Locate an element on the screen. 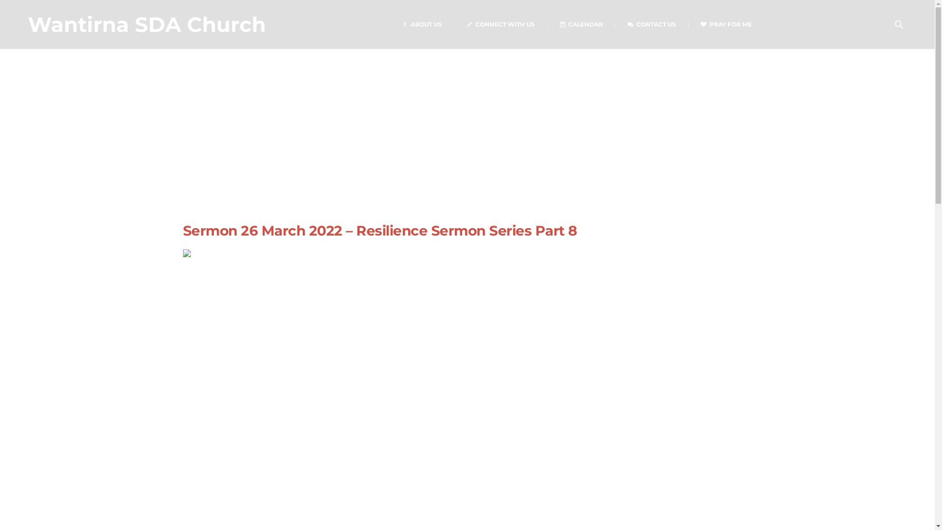 The image size is (942, 530). 'CONTACT US' is located at coordinates (614, 24).